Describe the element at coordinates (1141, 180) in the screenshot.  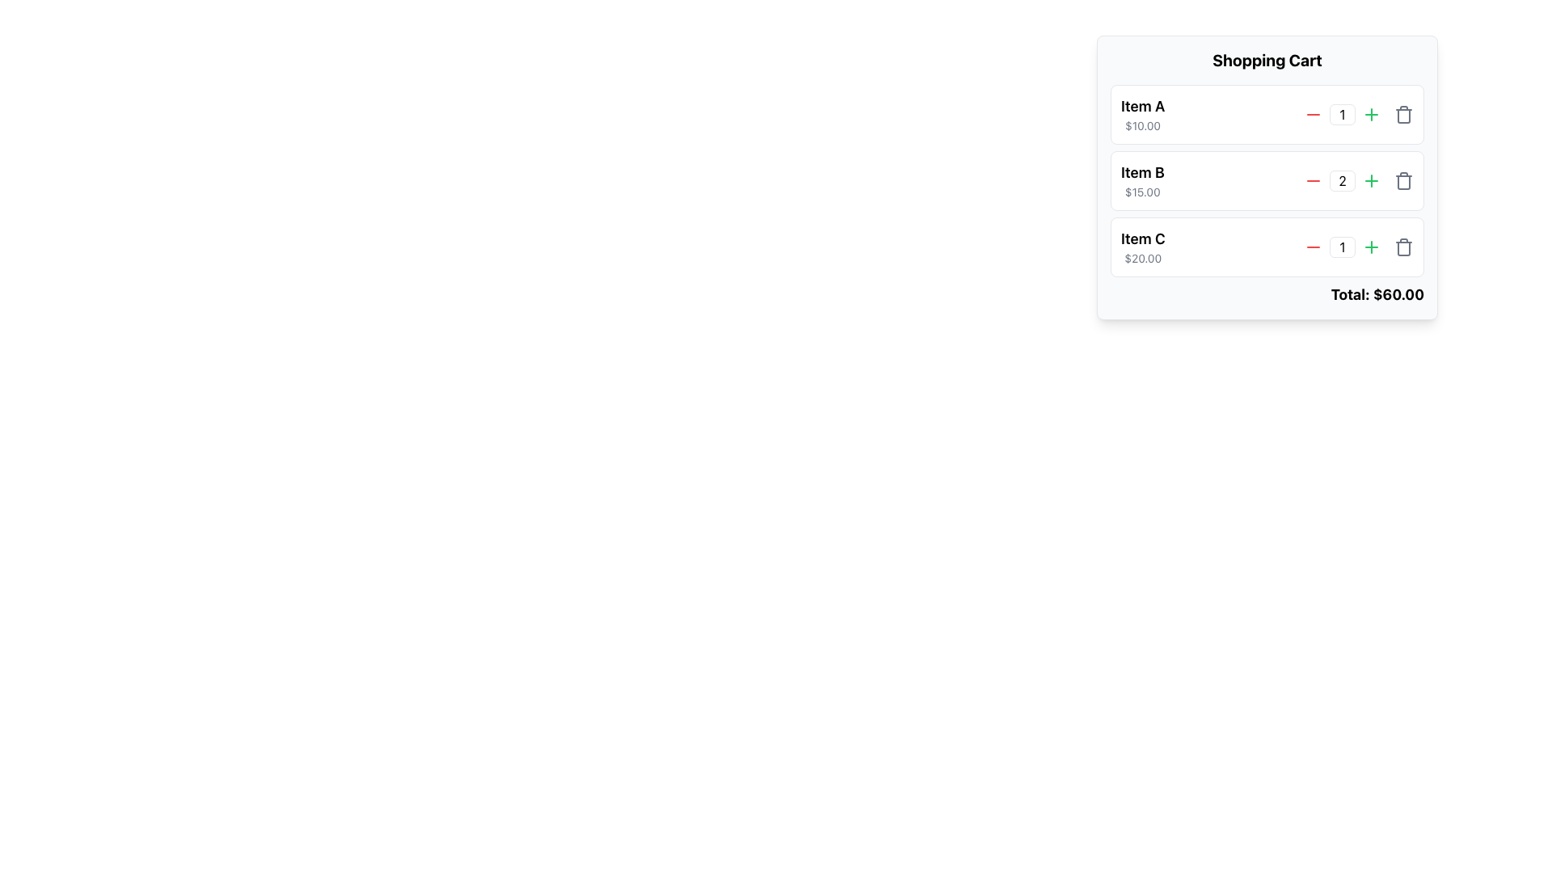
I see `the text label displaying the product information for 'Item B' priced at '$15.00' in the shopping cart interface` at that location.